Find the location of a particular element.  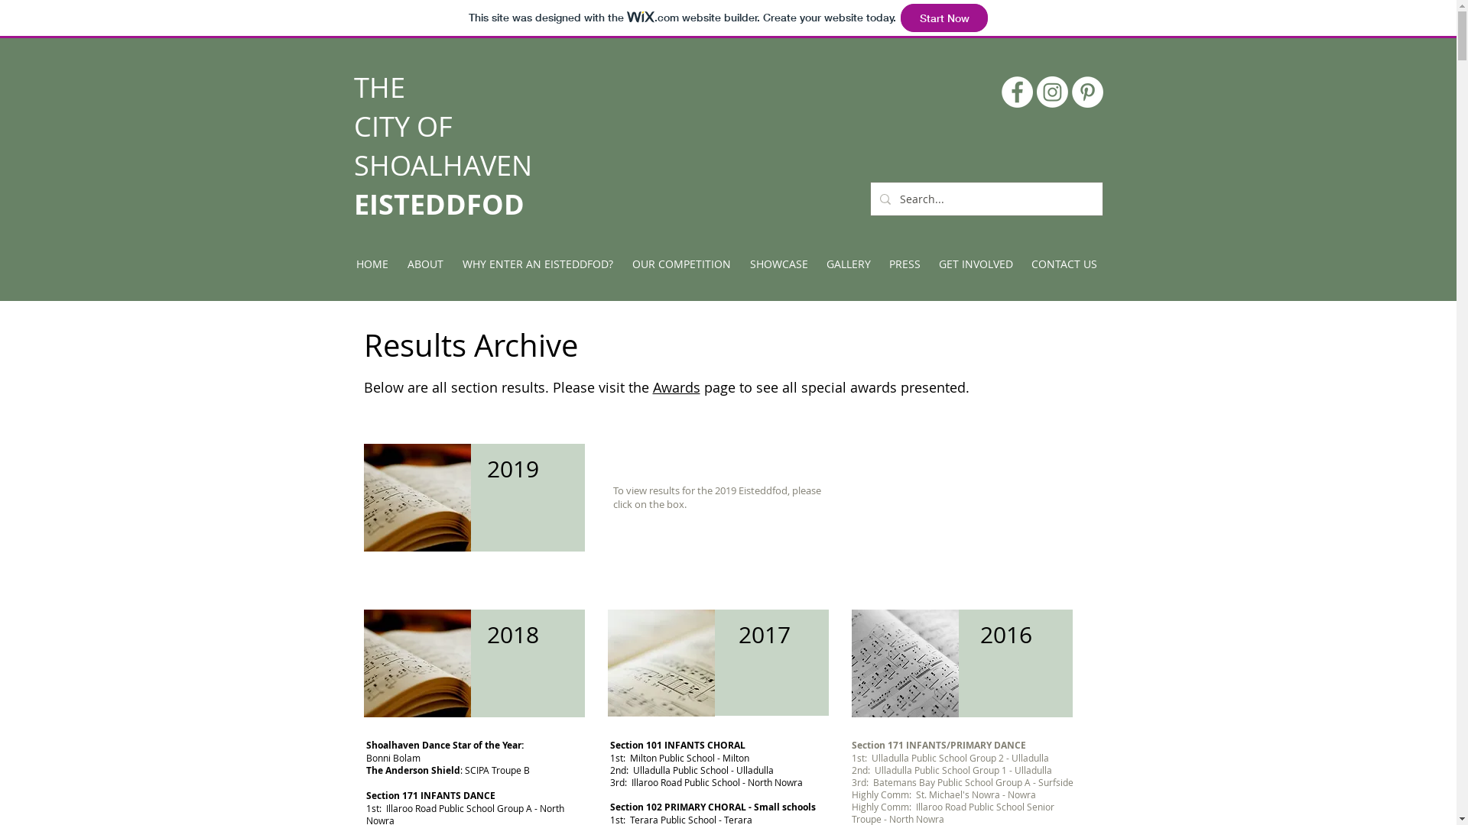

'Nocturne' is located at coordinates (905, 662).